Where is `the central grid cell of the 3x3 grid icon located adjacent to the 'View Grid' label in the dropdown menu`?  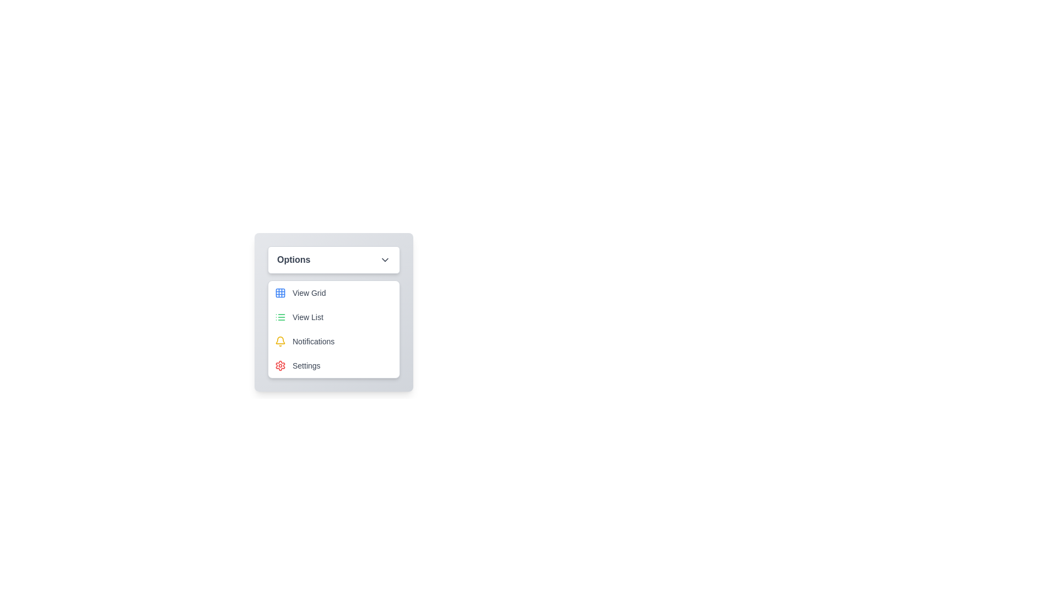
the central grid cell of the 3x3 grid icon located adjacent to the 'View Grid' label in the dropdown menu is located at coordinates (280, 293).